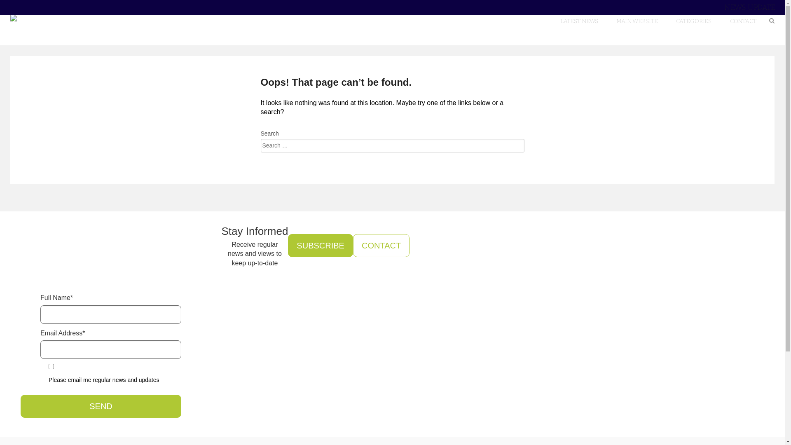  What do you see at coordinates (579, 21) in the screenshot?
I see `'LATEST NEWS'` at bounding box center [579, 21].